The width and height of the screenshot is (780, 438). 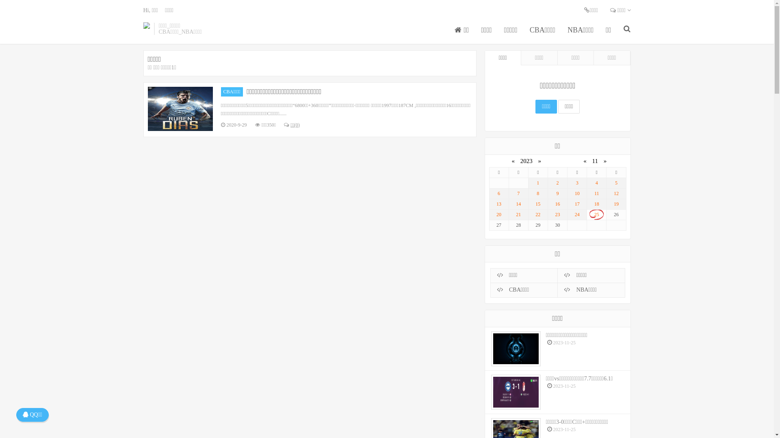 I want to click on '16', so click(x=557, y=204).